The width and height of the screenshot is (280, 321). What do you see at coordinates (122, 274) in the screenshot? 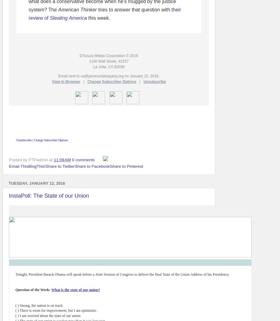
I see `'Tonight, President Barack Obama will speak before a Joint Session of Congress to deliver the final State of the Union Address of his Presidency.'` at bounding box center [122, 274].